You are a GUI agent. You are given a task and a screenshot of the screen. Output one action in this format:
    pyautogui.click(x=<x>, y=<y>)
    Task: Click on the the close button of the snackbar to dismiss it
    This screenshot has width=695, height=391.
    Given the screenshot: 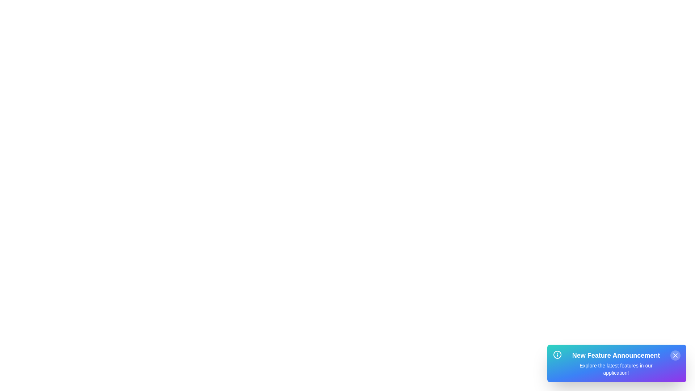 What is the action you would take?
    pyautogui.click(x=675, y=355)
    